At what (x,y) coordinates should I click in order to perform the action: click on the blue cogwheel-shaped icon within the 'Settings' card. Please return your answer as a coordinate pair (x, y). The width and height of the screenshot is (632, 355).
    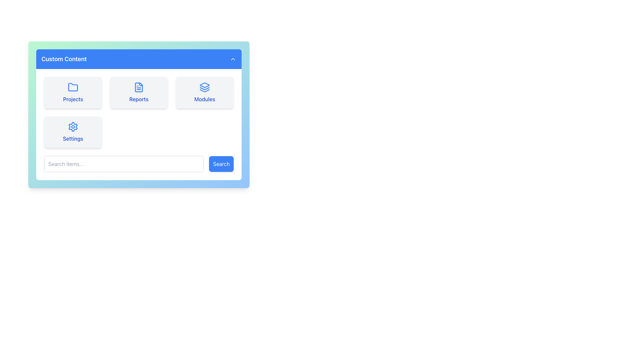
    Looking at the image, I should click on (73, 127).